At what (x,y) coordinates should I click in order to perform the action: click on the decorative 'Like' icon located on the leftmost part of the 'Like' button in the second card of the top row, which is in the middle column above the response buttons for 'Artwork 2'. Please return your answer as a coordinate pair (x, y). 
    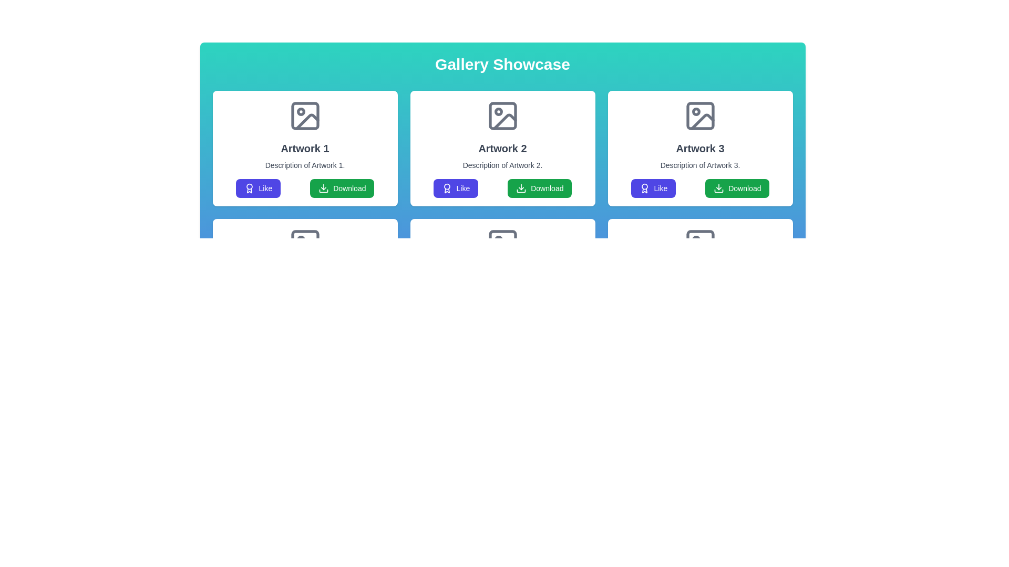
    Looking at the image, I should click on (447, 187).